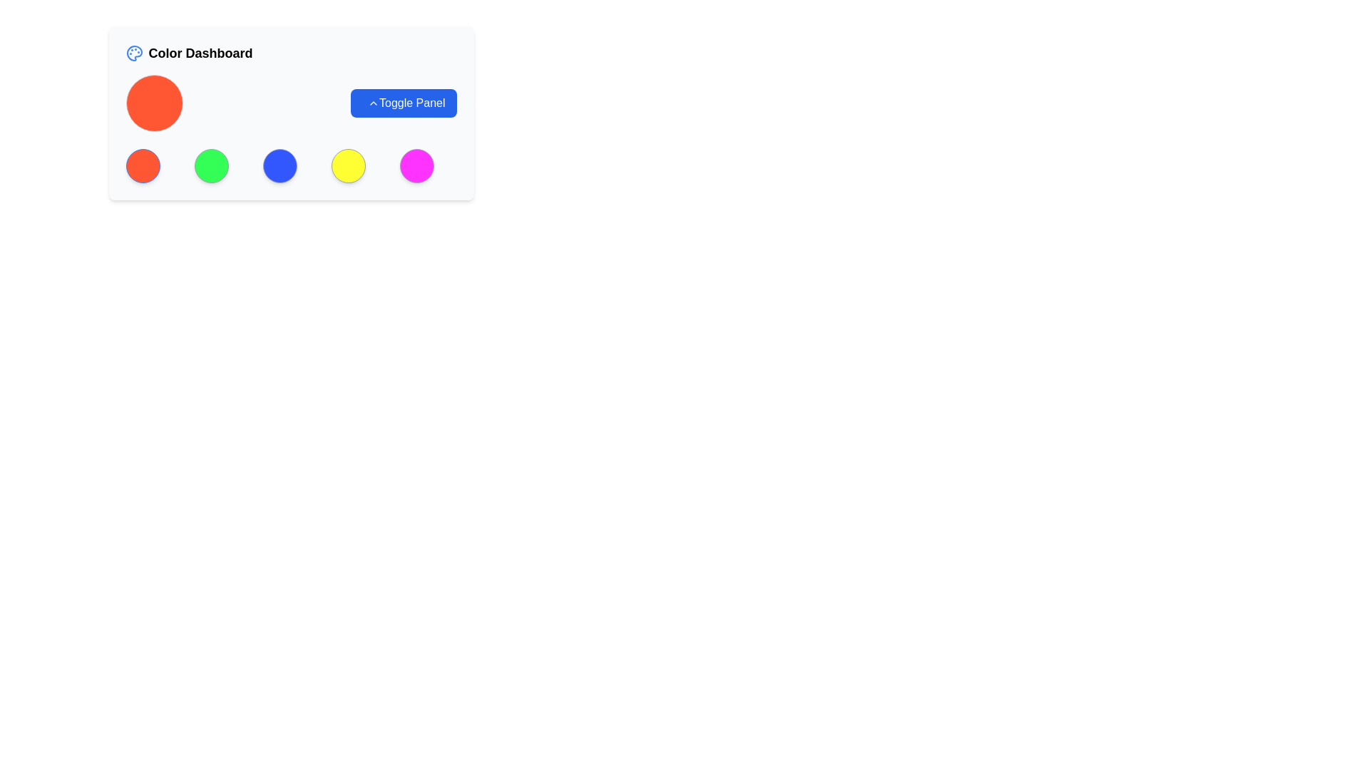 This screenshot has height=770, width=1369. Describe the element at coordinates (143, 165) in the screenshot. I see `the first circular button with a bright orange background and a thin blue border` at that location.